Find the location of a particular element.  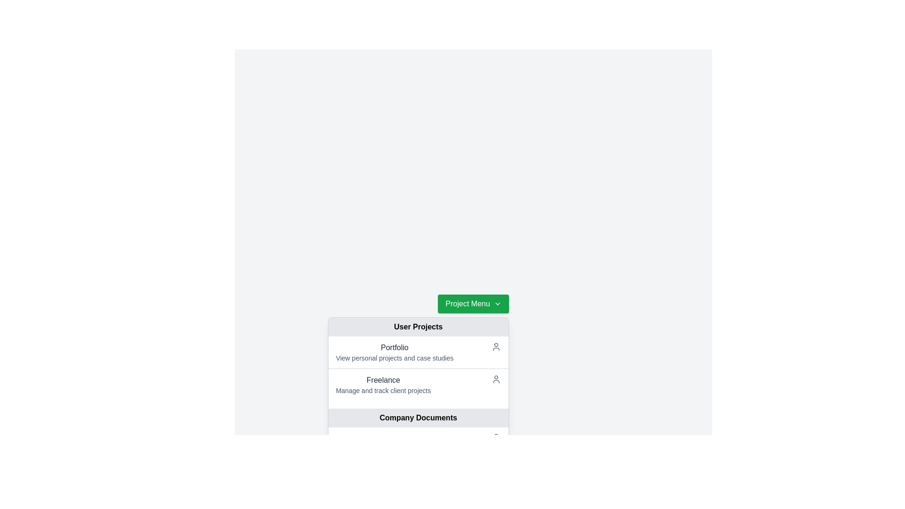

the third text label in the 'User Projects' section of the menu, which indicates a category related to company documents is located at coordinates (418, 418).